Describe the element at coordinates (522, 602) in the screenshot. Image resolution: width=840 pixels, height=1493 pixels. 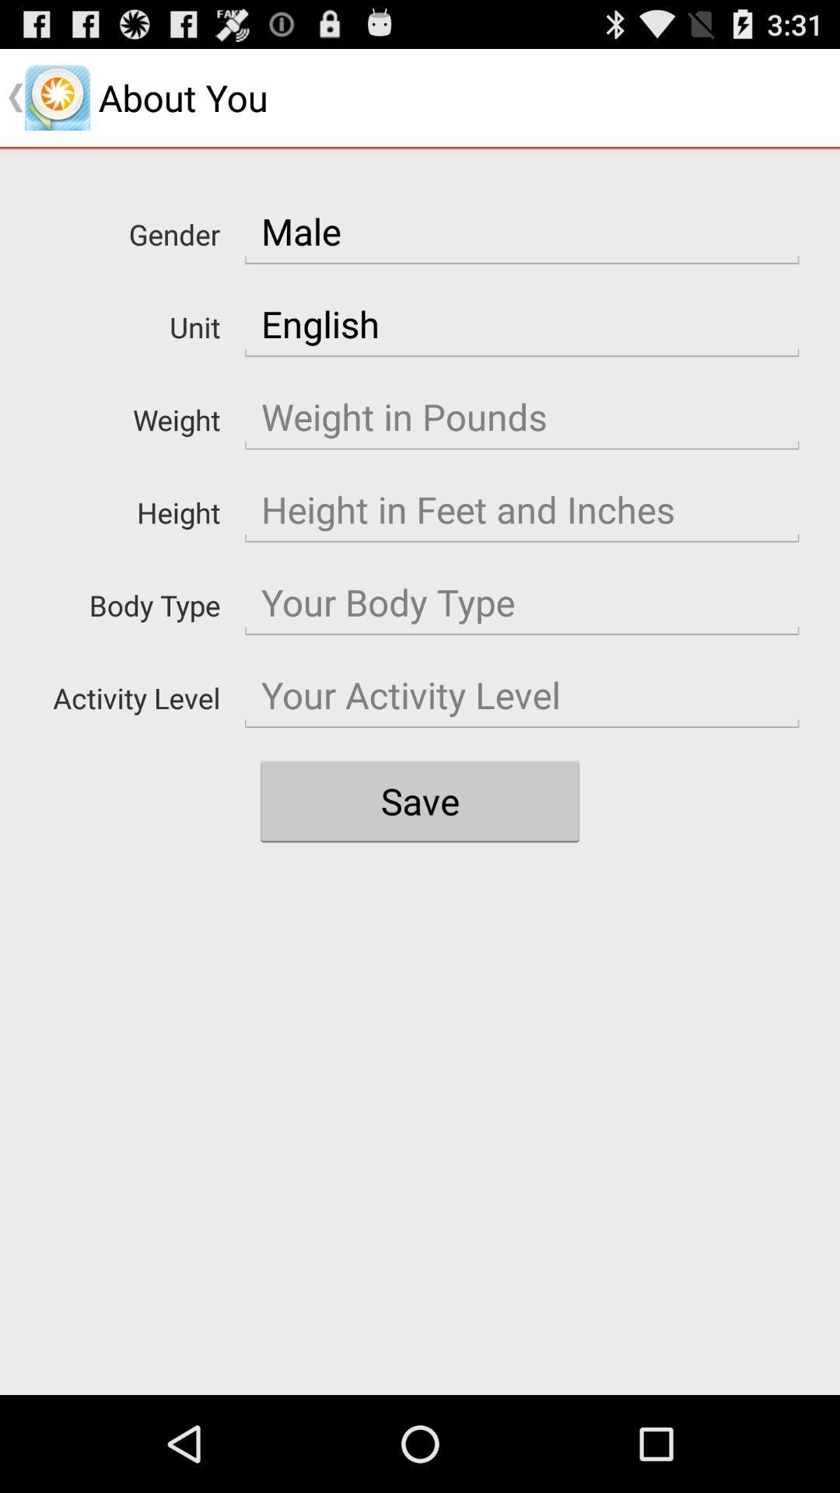
I see `body size` at that location.